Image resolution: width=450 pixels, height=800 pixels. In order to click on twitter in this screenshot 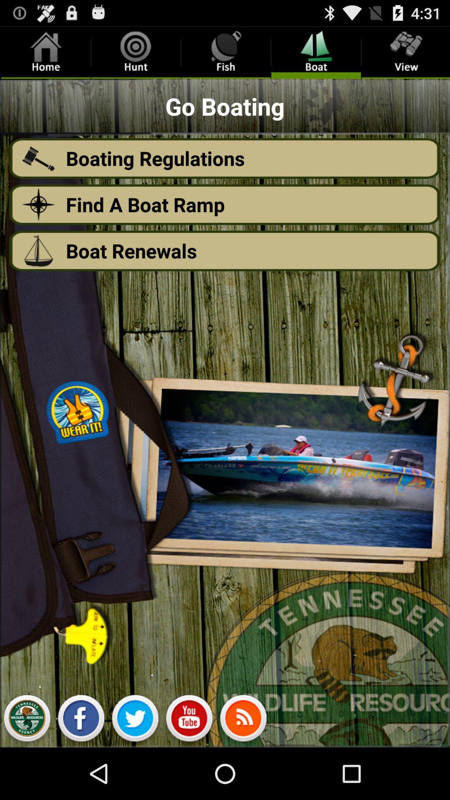, I will do `click(135, 720)`.